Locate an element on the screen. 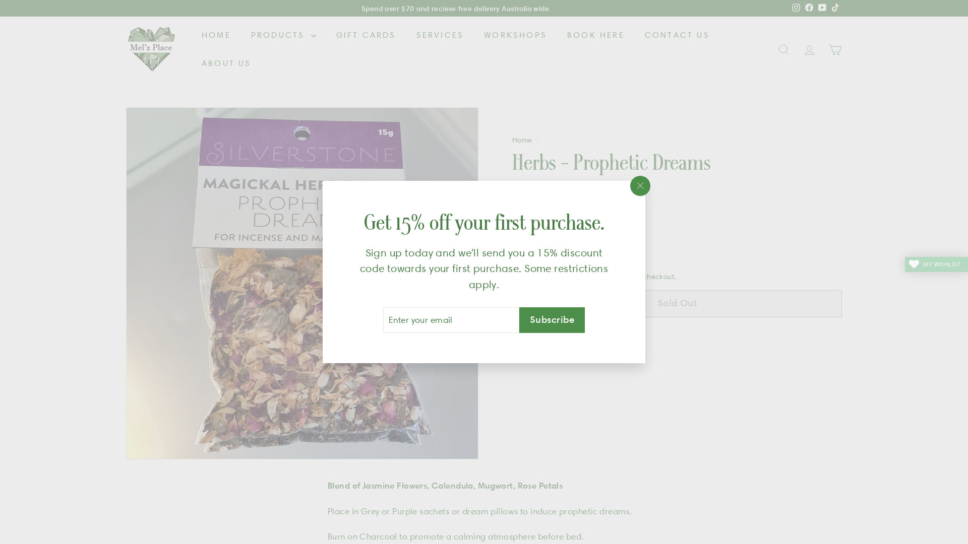 The width and height of the screenshot is (968, 544). 'YouTube' is located at coordinates (822, 8).